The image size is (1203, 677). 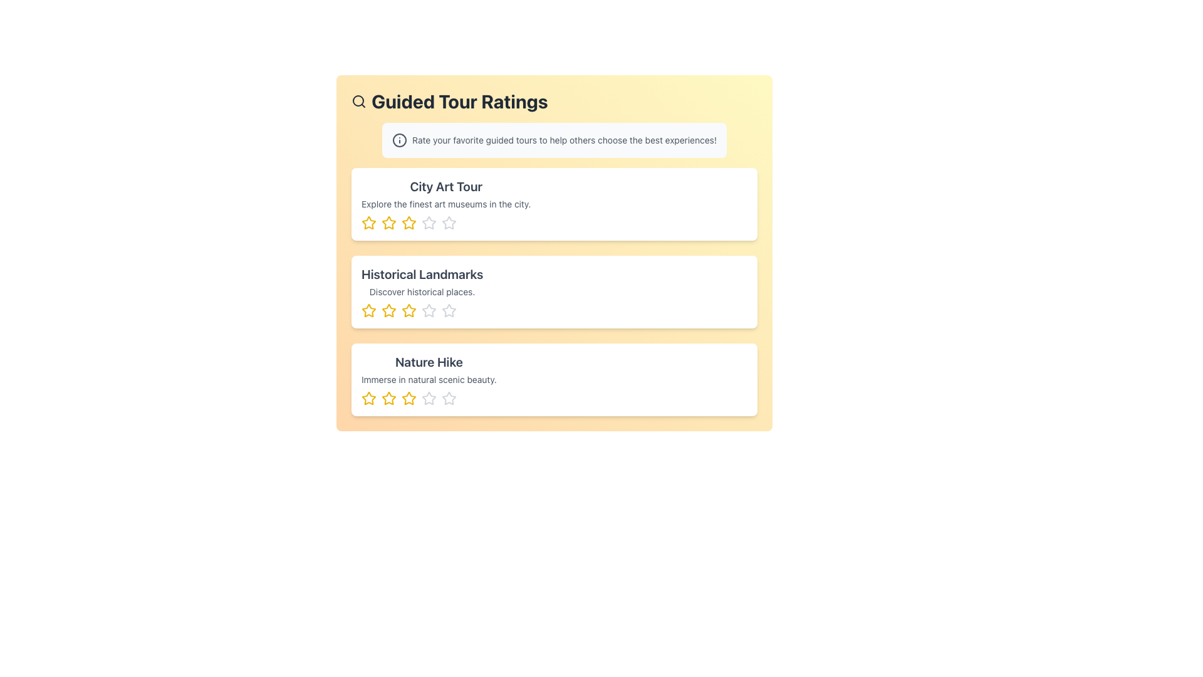 What do you see at coordinates (388, 310) in the screenshot?
I see `the second star-shaped vector graphic with a yellow outline and white fill in the 'Historical Landmarks' section to rate it` at bounding box center [388, 310].